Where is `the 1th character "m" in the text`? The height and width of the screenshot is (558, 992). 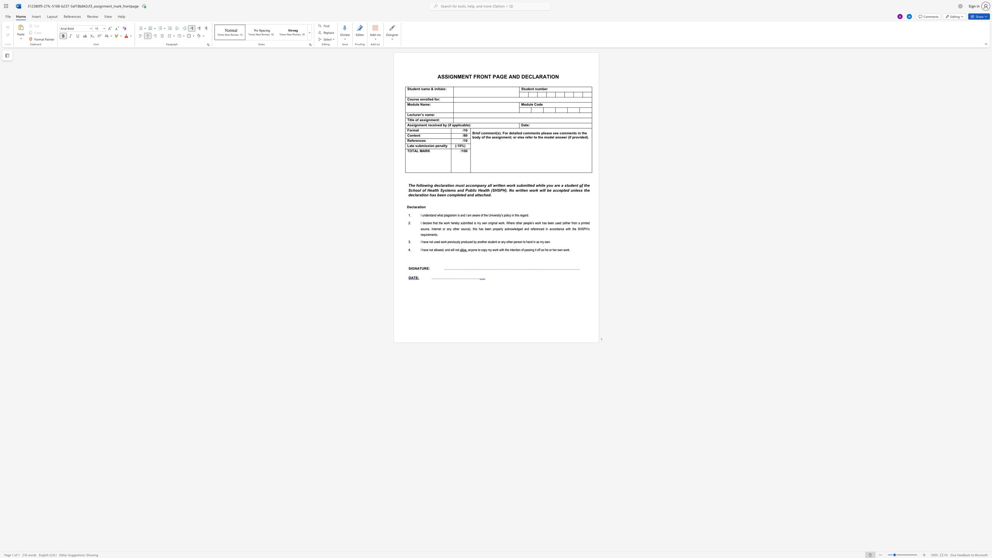
the 1th character "m" in the text is located at coordinates (426, 104).